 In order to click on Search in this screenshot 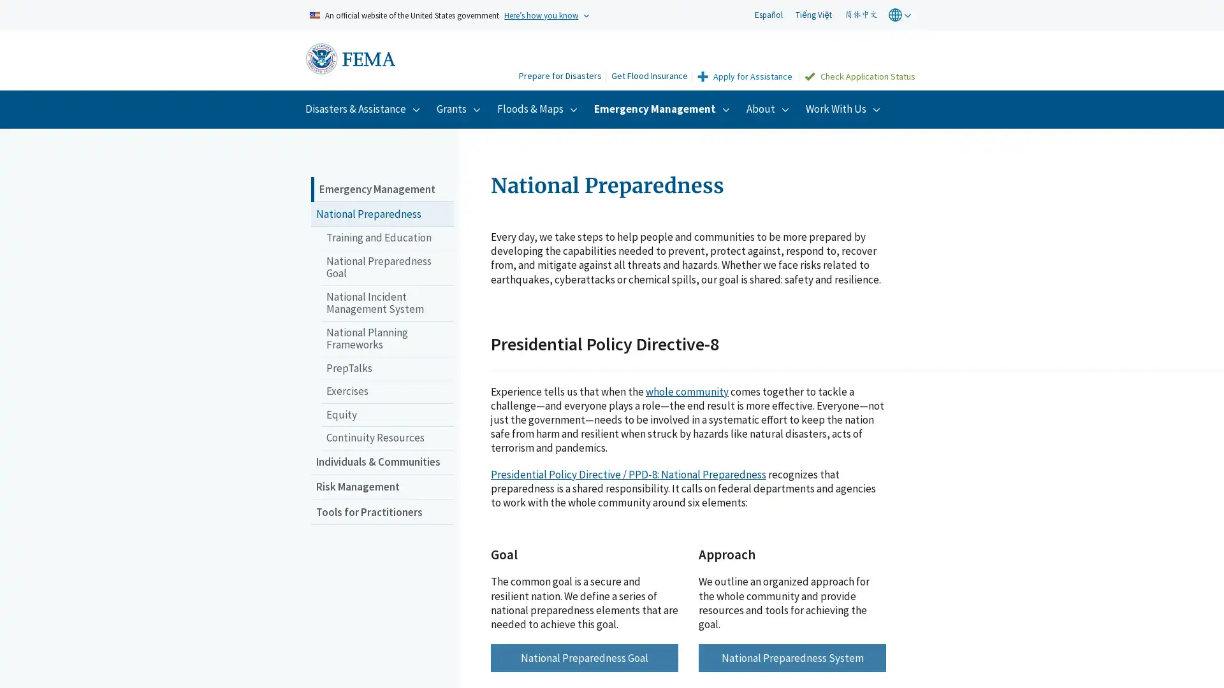, I will do `click(496, 61)`.